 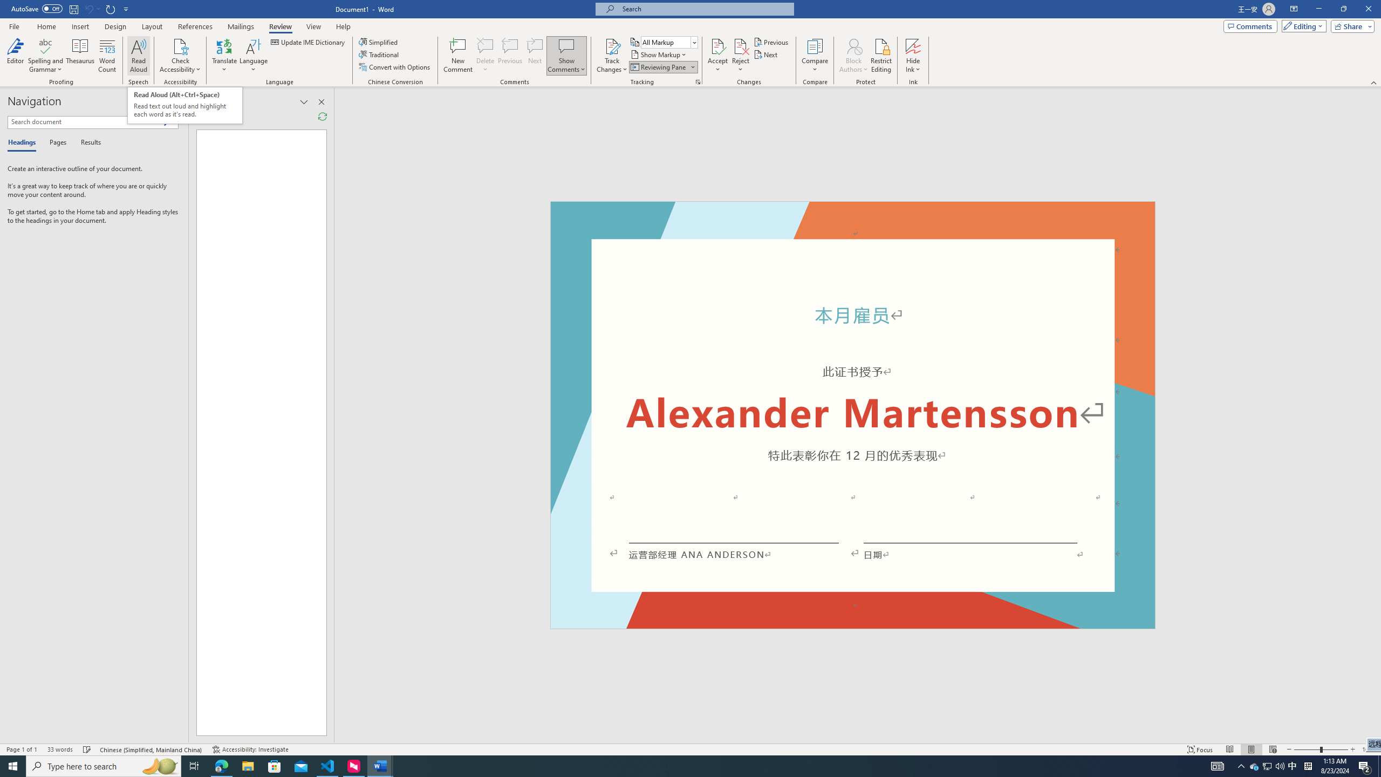 What do you see at coordinates (717, 45) in the screenshot?
I see `'Accept and Move to Next'` at bounding box center [717, 45].